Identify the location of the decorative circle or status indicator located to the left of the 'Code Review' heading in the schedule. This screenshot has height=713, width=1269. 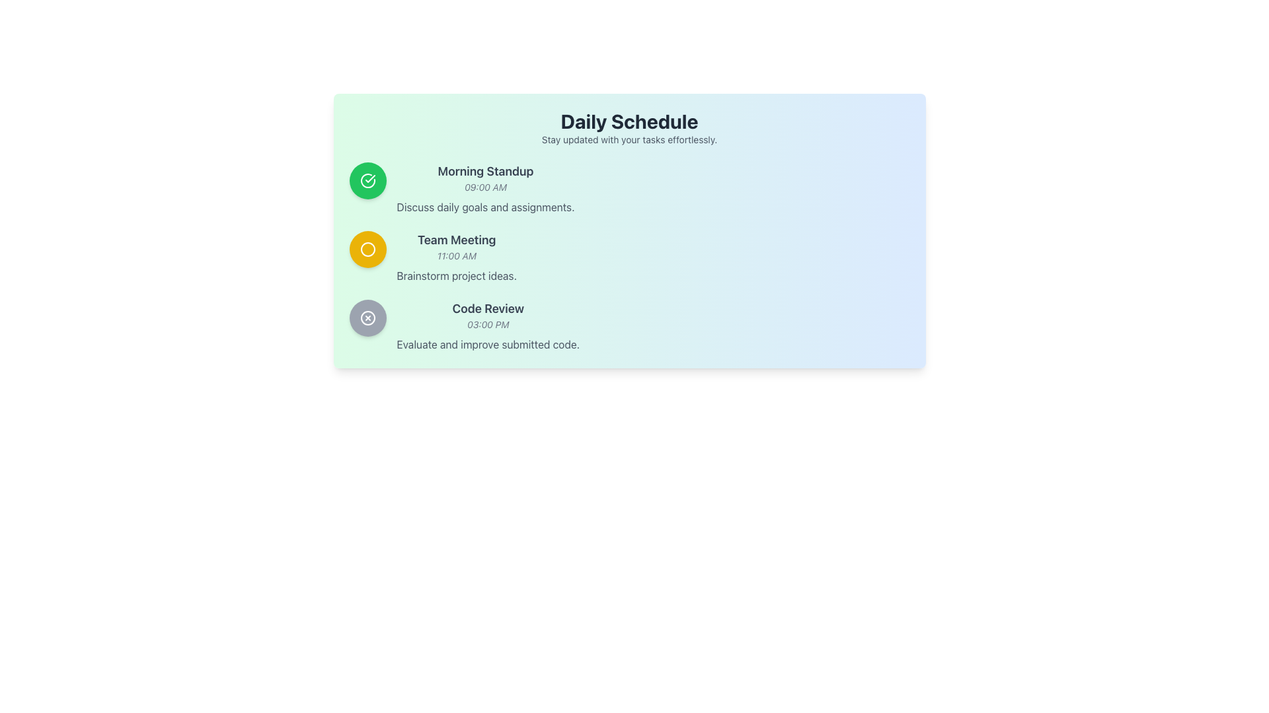
(367, 318).